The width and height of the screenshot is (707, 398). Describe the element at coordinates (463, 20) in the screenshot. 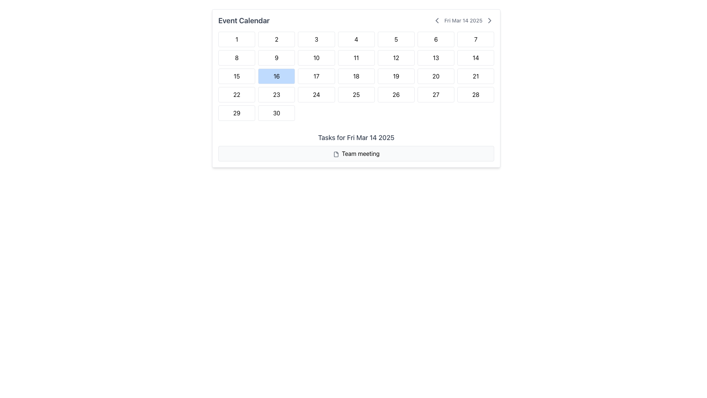

I see `the right arrow icon in the Event Calendar section` at that location.